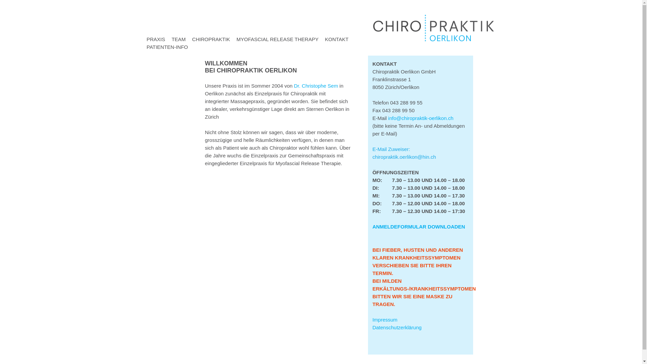  I want to click on 'PRAXIS', so click(155, 39).